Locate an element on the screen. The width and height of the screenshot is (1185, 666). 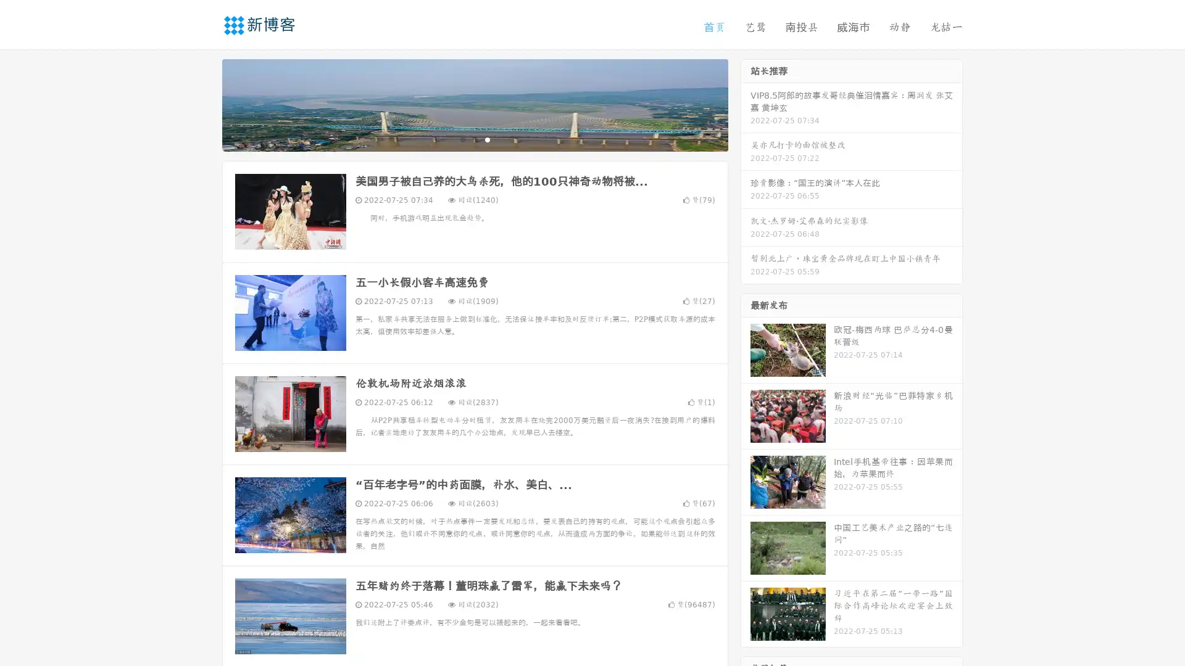
Go to slide 1 is located at coordinates (462, 139).